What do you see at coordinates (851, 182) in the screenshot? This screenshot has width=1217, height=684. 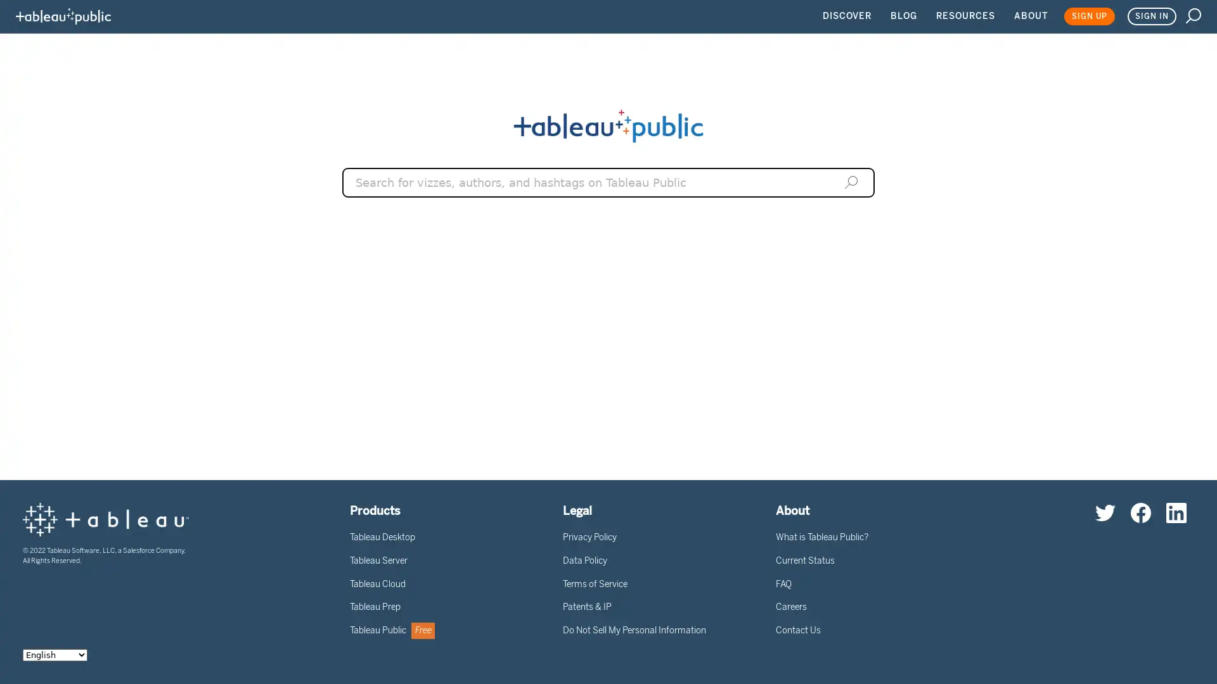 I see `Search` at bounding box center [851, 182].